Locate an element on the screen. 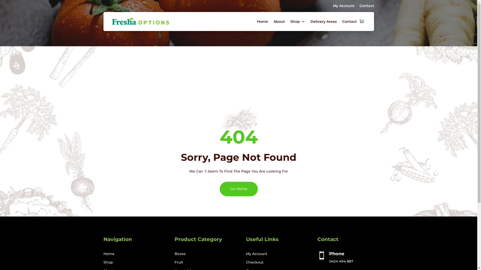  'Boxes' is located at coordinates (180, 253).